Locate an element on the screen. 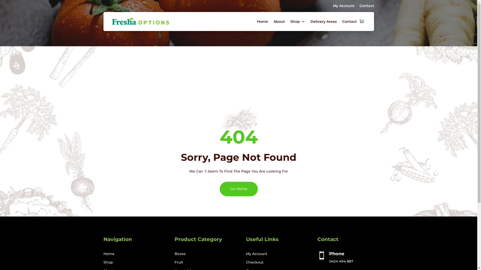  'Boxes' is located at coordinates (180, 253).